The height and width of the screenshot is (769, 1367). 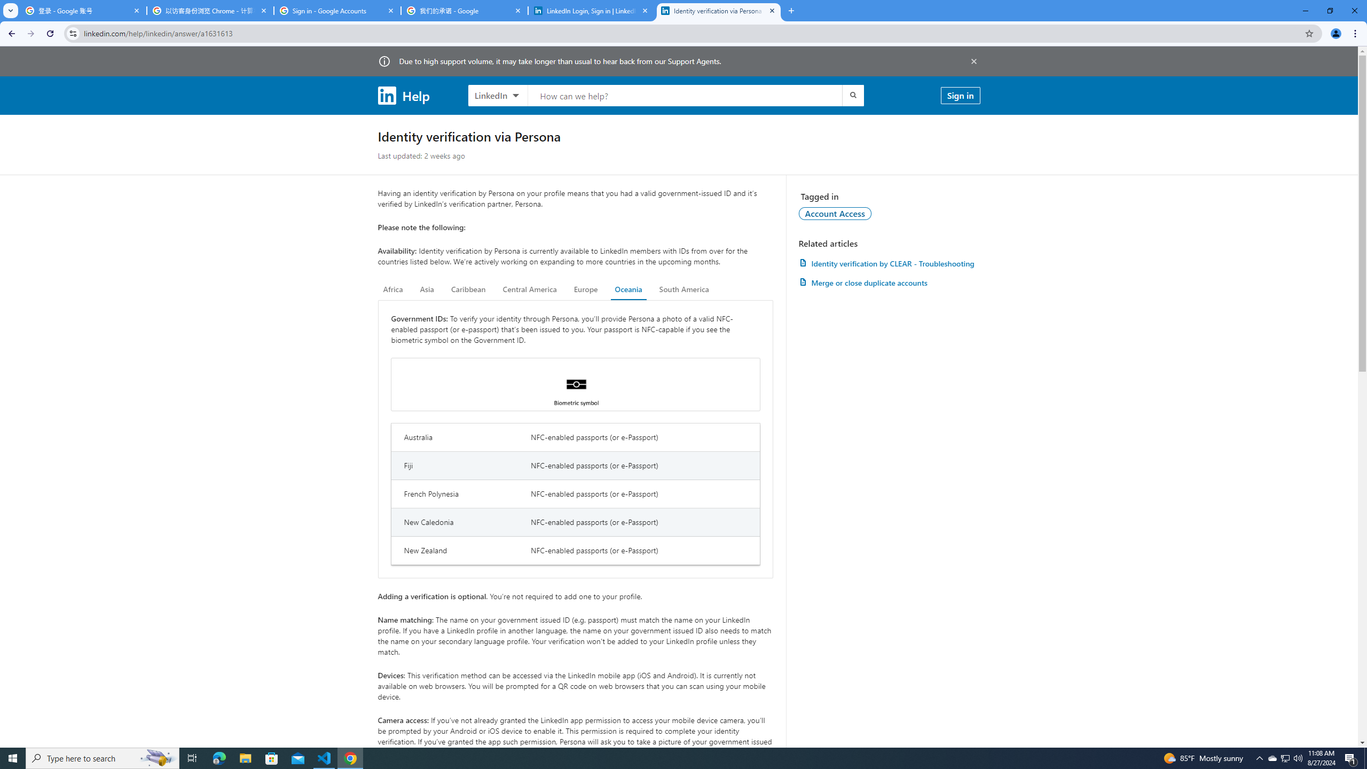 What do you see at coordinates (427, 289) in the screenshot?
I see `'Asia'` at bounding box center [427, 289].